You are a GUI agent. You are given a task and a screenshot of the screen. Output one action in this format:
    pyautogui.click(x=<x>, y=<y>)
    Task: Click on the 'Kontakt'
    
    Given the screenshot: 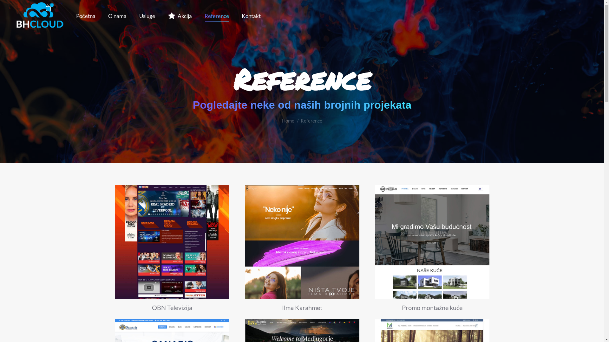 What is the action you would take?
    pyautogui.click(x=241, y=16)
    